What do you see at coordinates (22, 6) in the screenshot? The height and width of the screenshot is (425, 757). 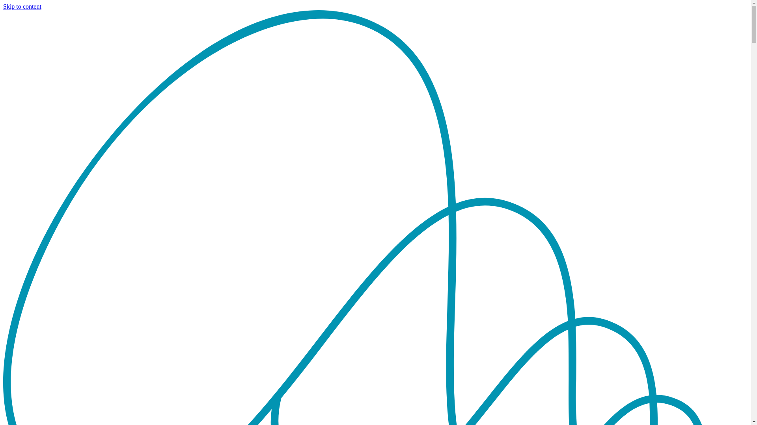 I see `'Skip to content'` at bounding box center [22, 6].